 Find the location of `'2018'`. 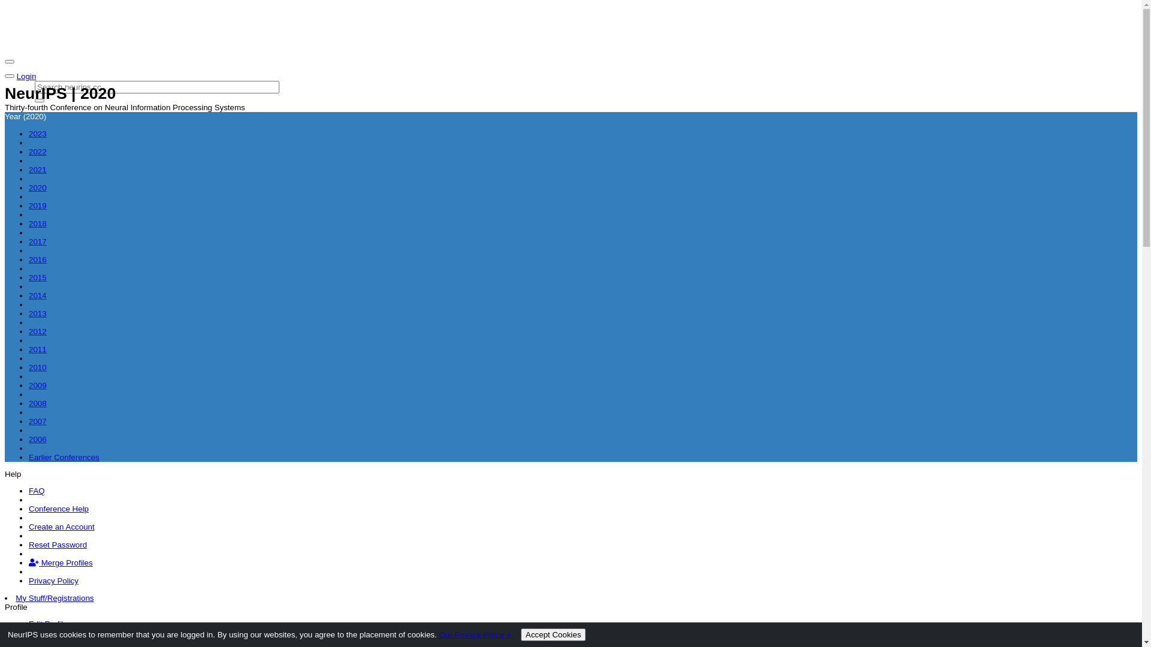

'2018' is located at coordinates (37, 223).